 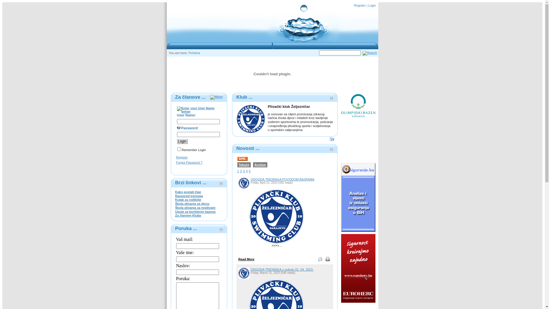 I want to click on 'Minimize', so click(x=210, y=96).